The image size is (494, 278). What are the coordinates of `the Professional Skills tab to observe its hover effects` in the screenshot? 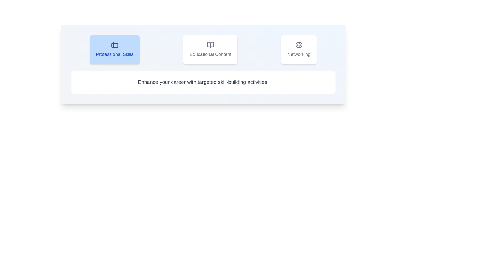 It's located at (114, 49).